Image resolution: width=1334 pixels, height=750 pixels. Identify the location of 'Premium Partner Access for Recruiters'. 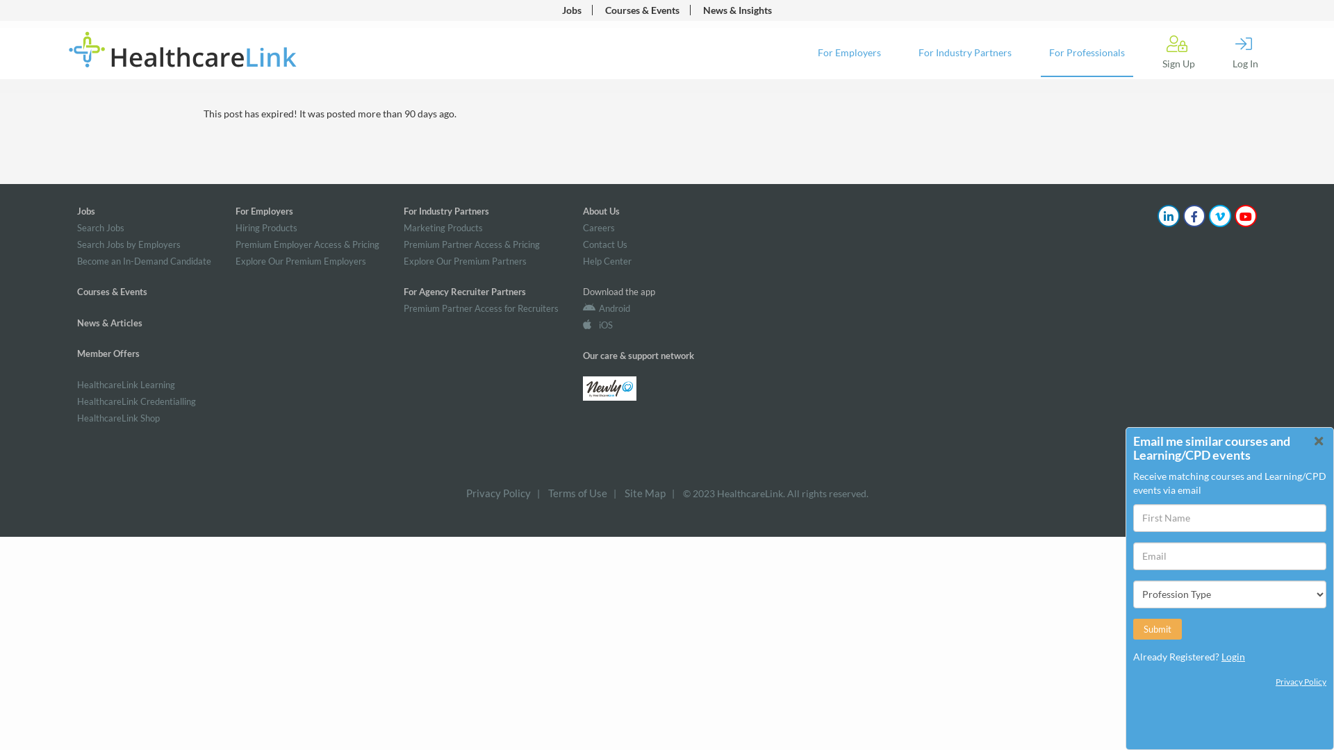
(481, 307).